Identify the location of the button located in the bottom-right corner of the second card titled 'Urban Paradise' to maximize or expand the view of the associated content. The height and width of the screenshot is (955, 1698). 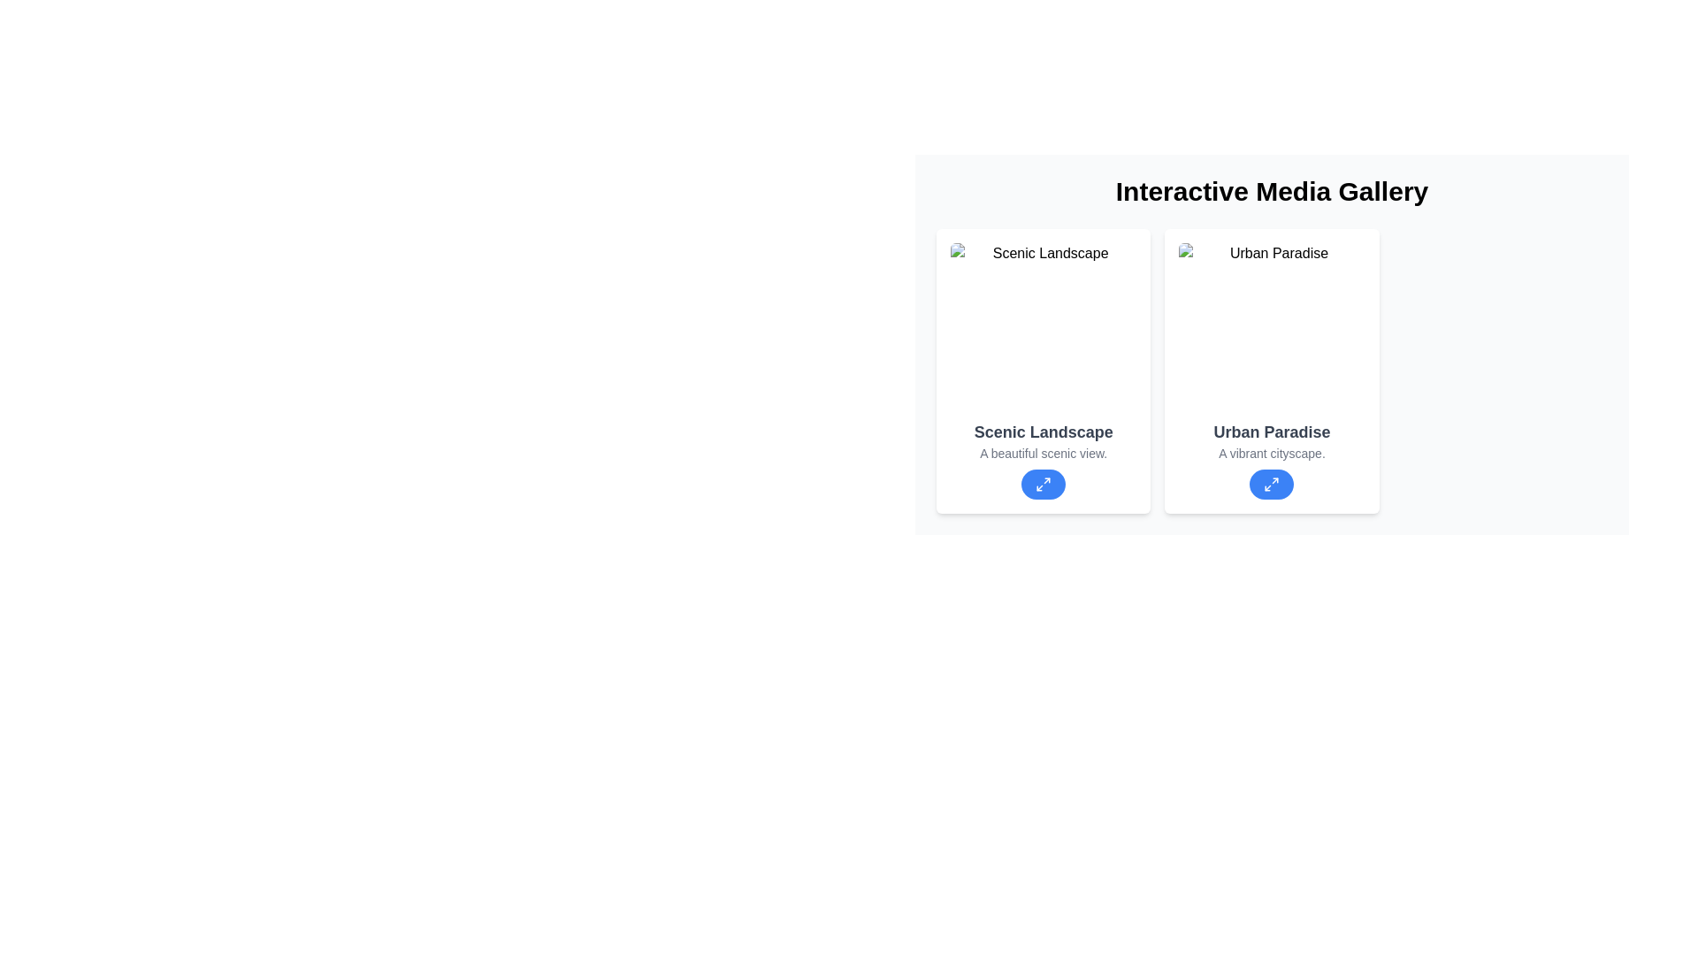
(1271, 484).